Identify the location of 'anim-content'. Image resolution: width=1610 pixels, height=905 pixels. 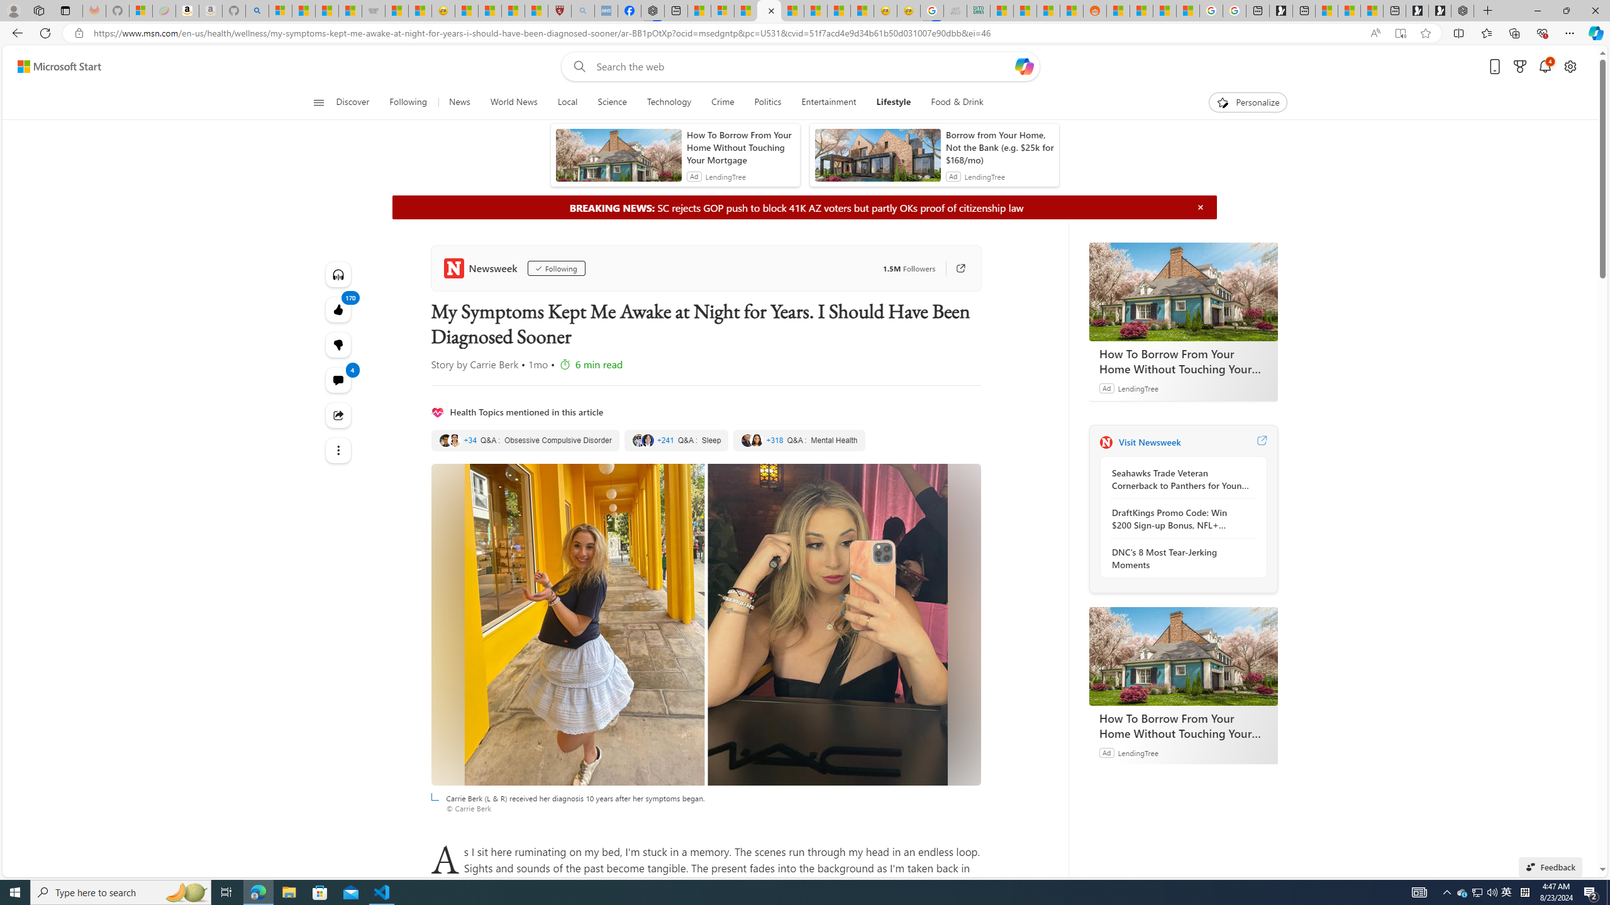
(877, 159).